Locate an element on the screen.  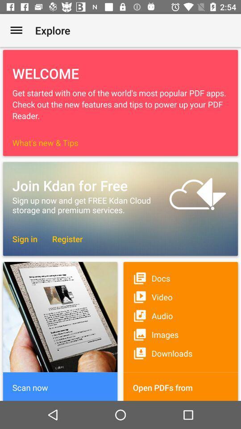
icon below the audio icon is located at coordinates (181, 334).